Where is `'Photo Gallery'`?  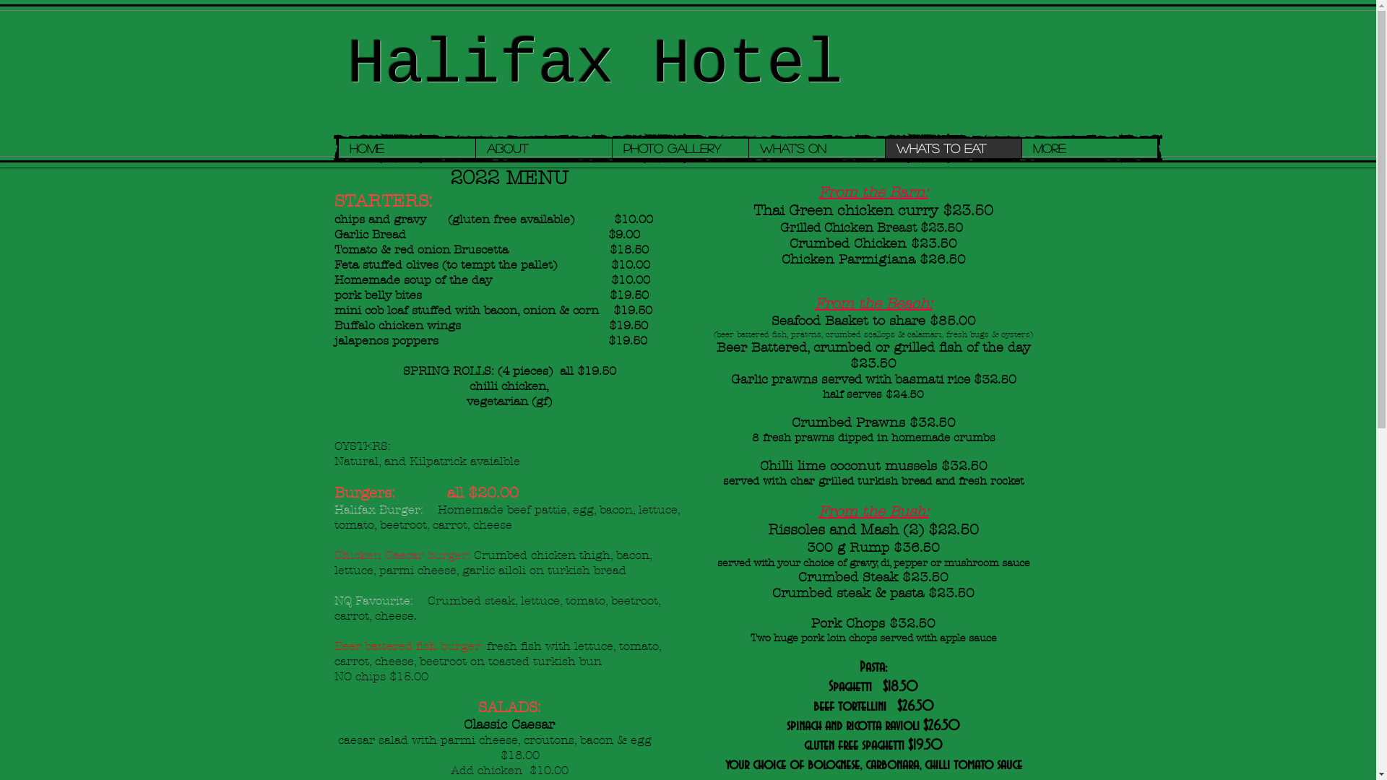
'Photo Gallery' is located at coordinates (610, 148).